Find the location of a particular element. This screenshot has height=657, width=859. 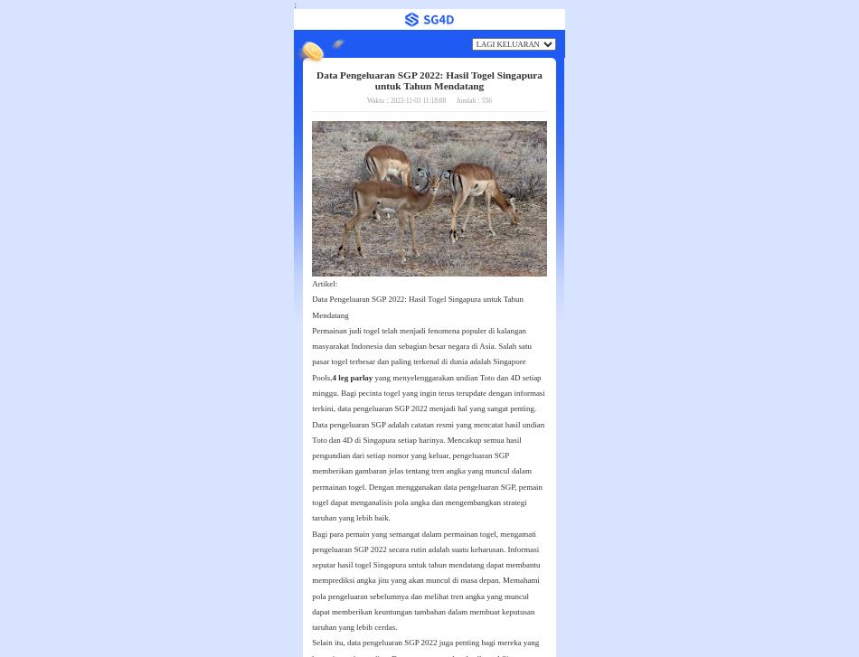

'4 leg parlay' is located at coordinates (351, 376).